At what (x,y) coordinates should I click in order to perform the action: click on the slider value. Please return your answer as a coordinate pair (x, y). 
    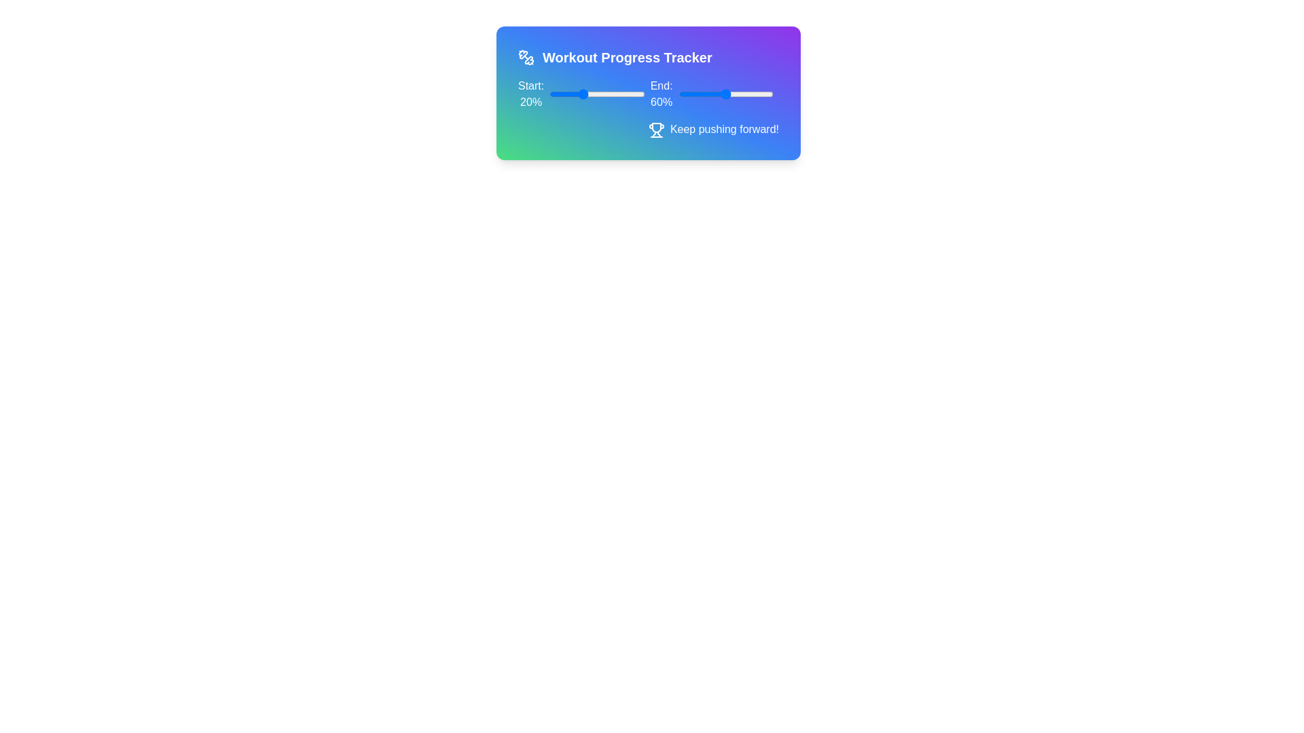
    Looking at the image, I should click on (596, 93).